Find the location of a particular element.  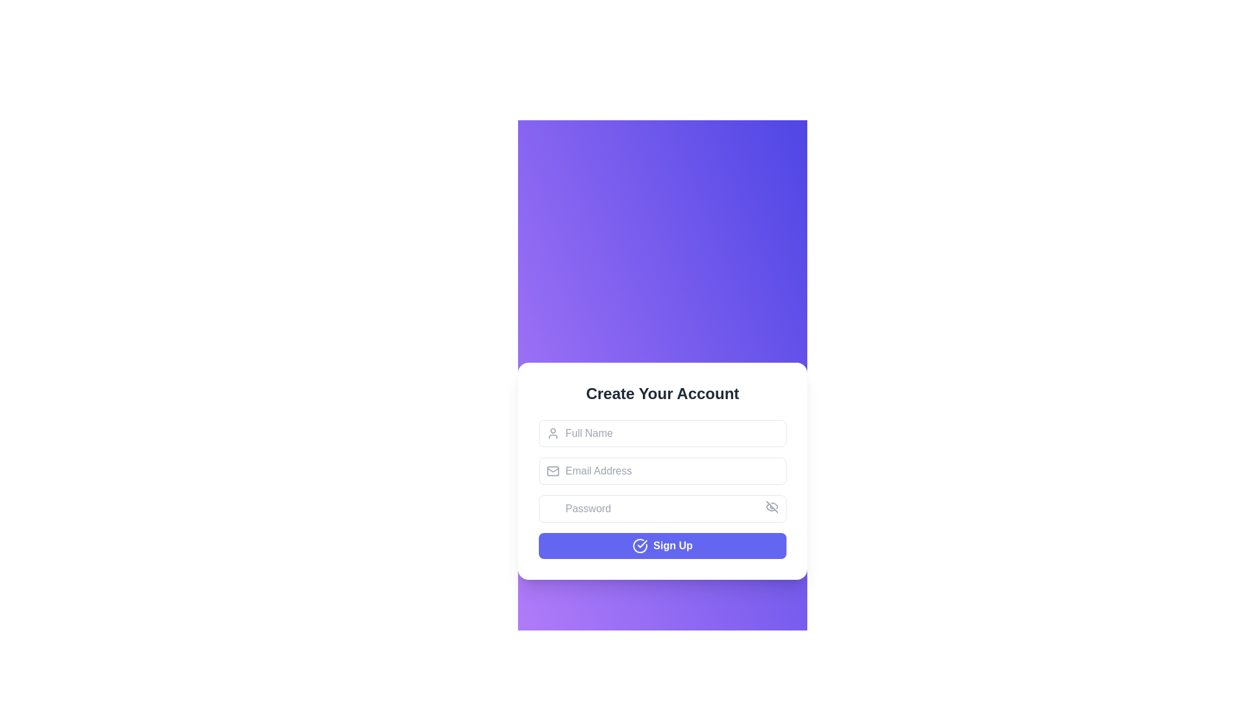

the graphical representation of the diagonal line icon, which is part of the eye-off icon located near the bottom-right corner of the password input field is located at coordinates (772, 506).